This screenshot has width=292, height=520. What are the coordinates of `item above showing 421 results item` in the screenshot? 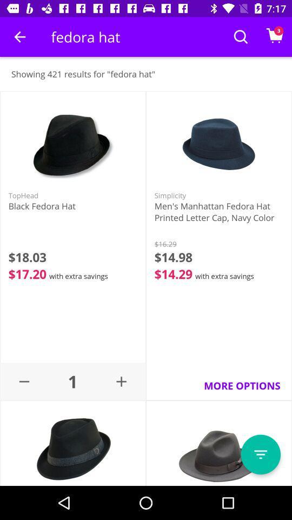 It's located at (19, 37).